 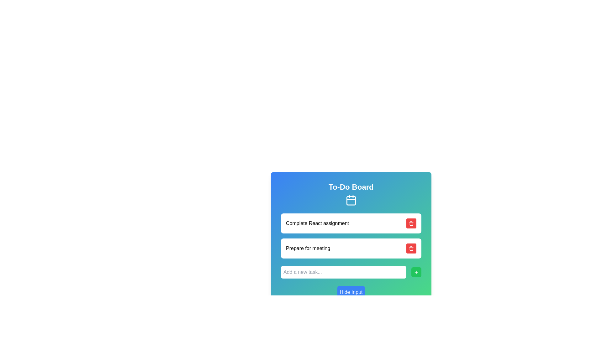 What do you see at coordinates (351, 200) in the screenshot?
I see `the calendar icon located directly below the 'To-Do Board' title in the header section of the interface` at bounding box center [351, 200].